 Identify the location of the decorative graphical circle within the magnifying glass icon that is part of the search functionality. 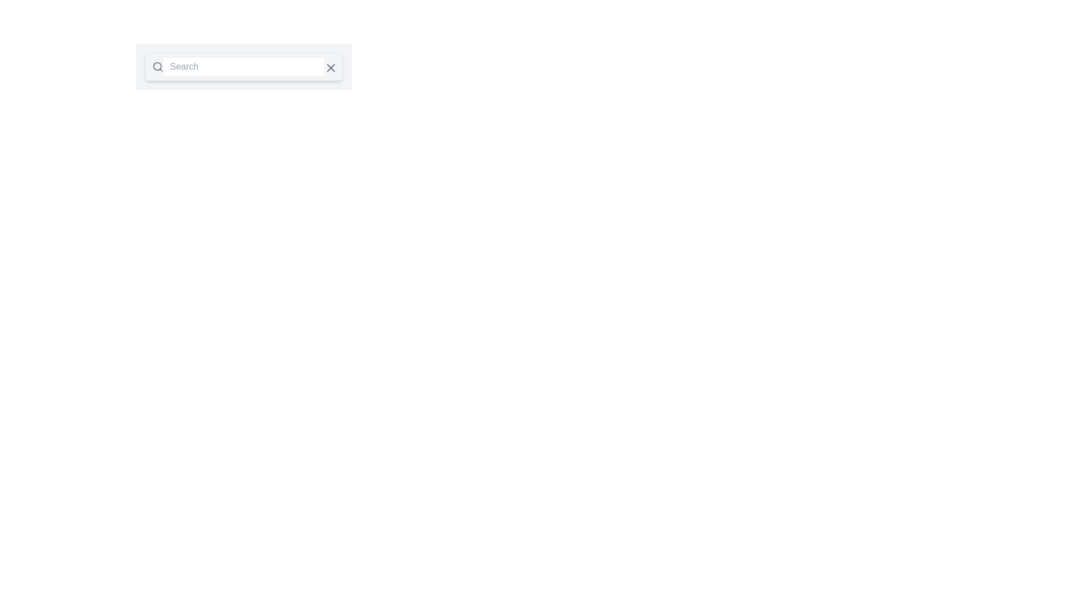
(156, 66).